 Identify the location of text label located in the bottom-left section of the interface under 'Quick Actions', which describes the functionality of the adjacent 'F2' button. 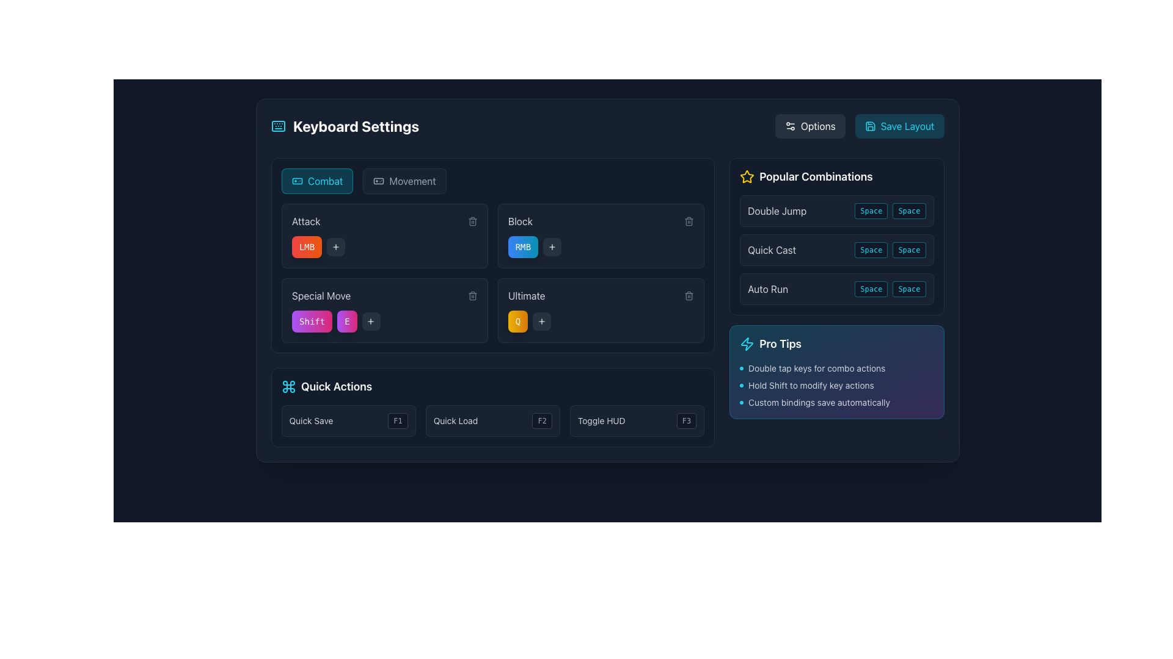
(455, 420).